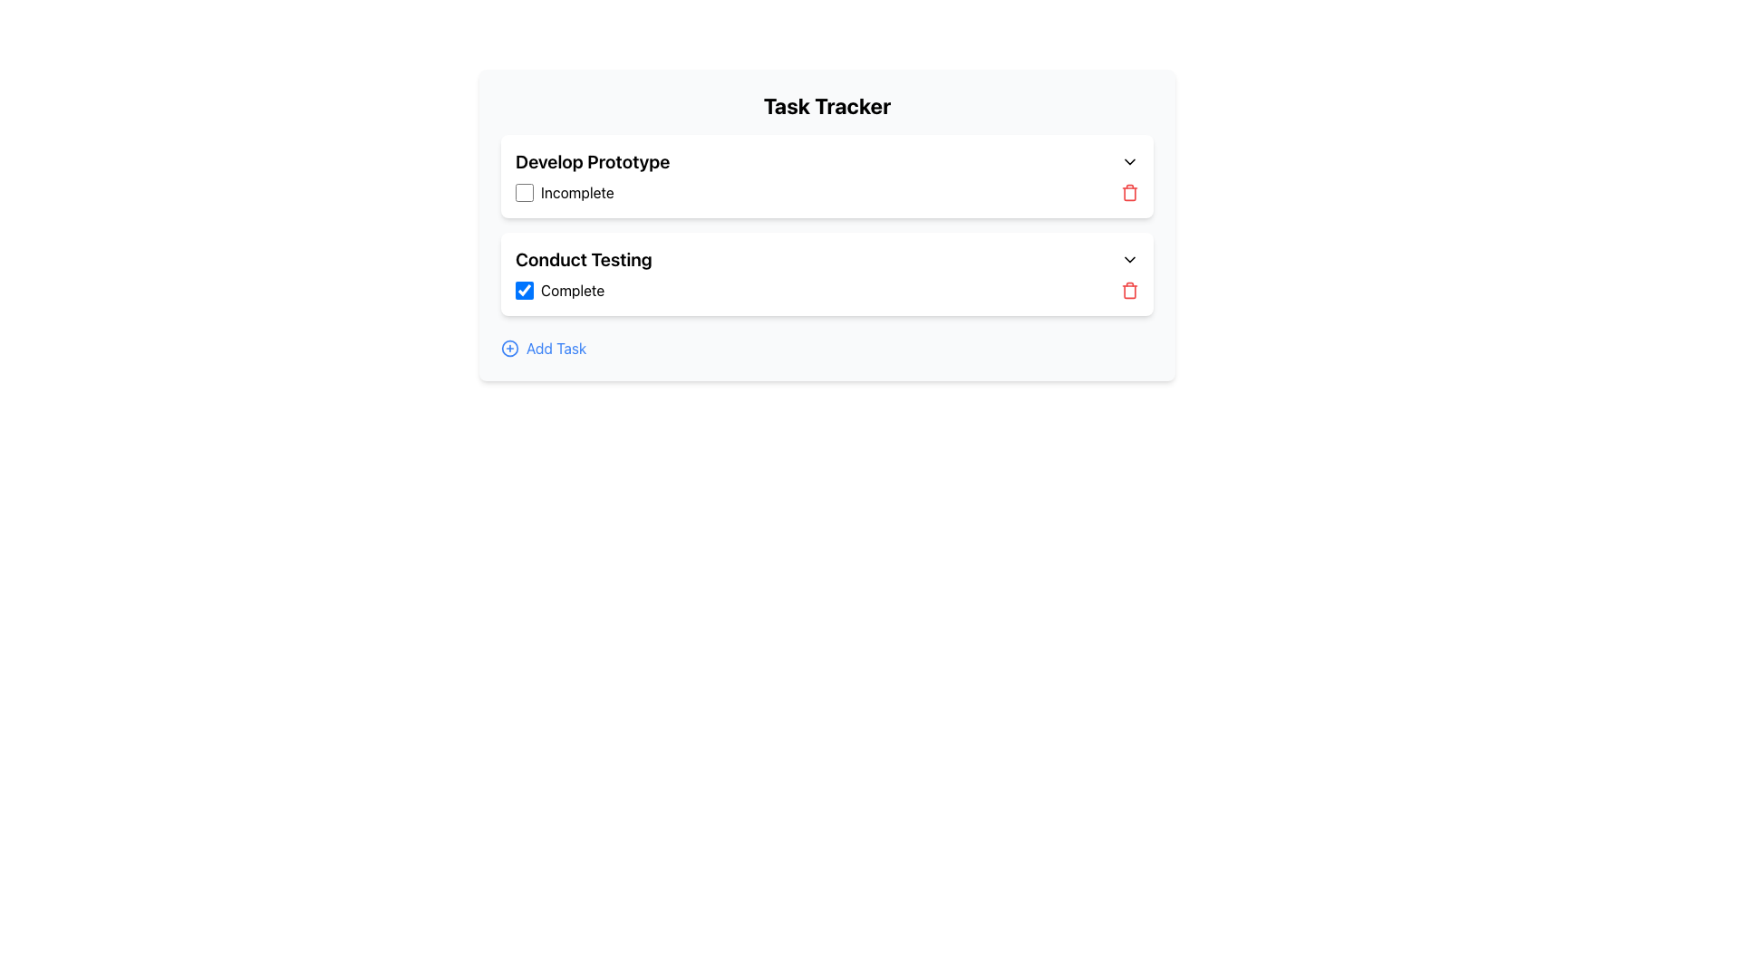 This screenshot has width=1740, height=978. Describe the element at coordinates (826, 274) in the screenshot. I see `the dropdown arrow of the second task box in the task tracking interface` at that location.